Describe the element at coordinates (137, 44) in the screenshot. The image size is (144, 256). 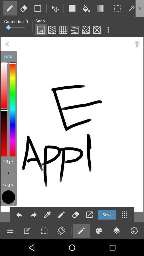
I see `the help icon` at that location.